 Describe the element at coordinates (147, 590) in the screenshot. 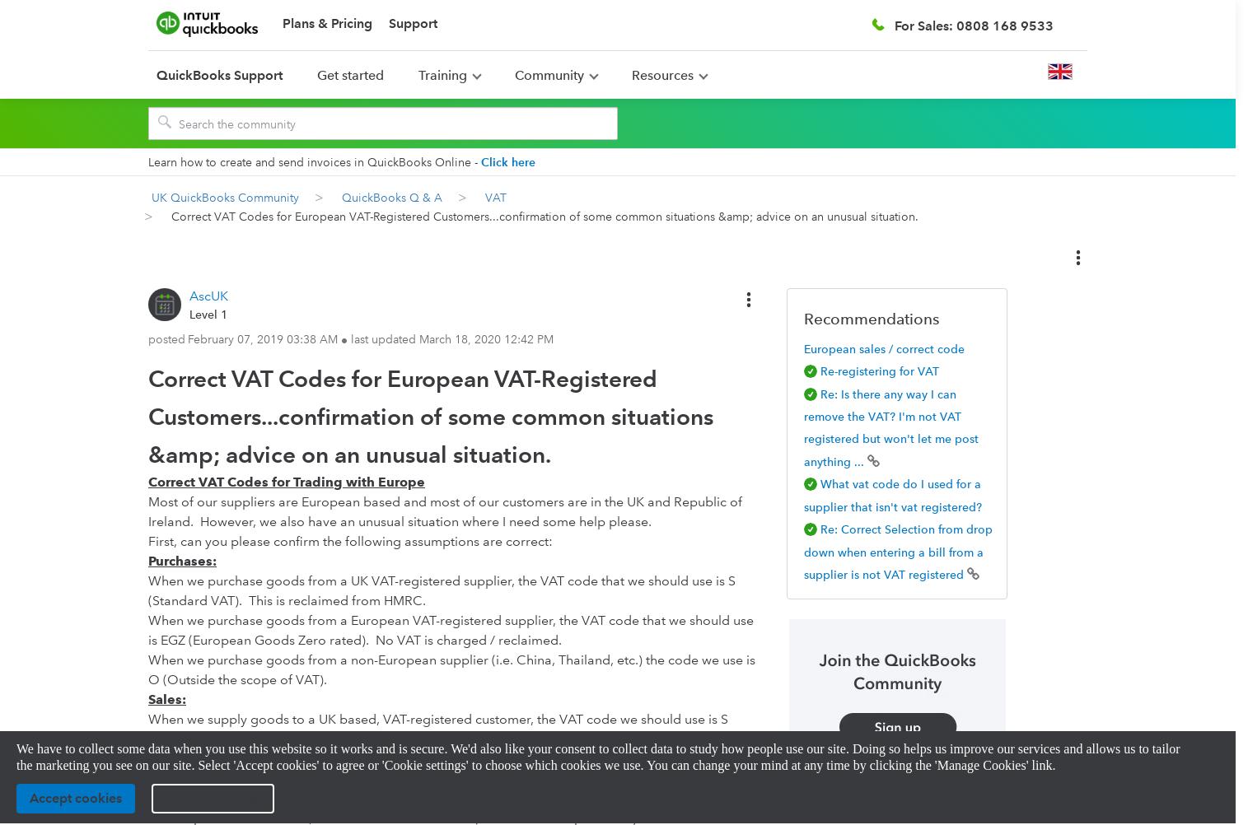

I see `'When we purchase goods from a UK VAT-registered supplier, the VAT code that we should use is S (Standard VAT).  This is reclaimed from HMRC.'` at that location.